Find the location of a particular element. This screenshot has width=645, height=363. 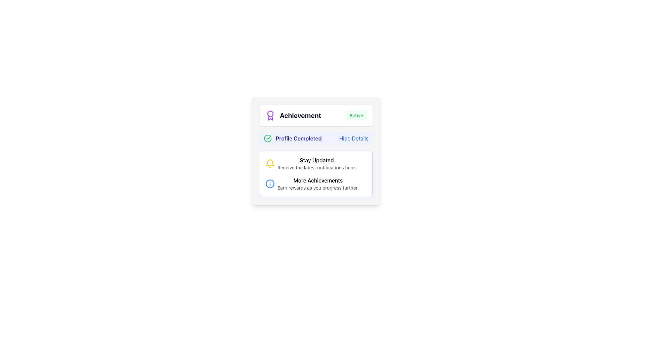

the Text Display element that serves as a label or title for the content in the associated section, located at the top-left of the card-like interface is located at coordinates (300, 115).